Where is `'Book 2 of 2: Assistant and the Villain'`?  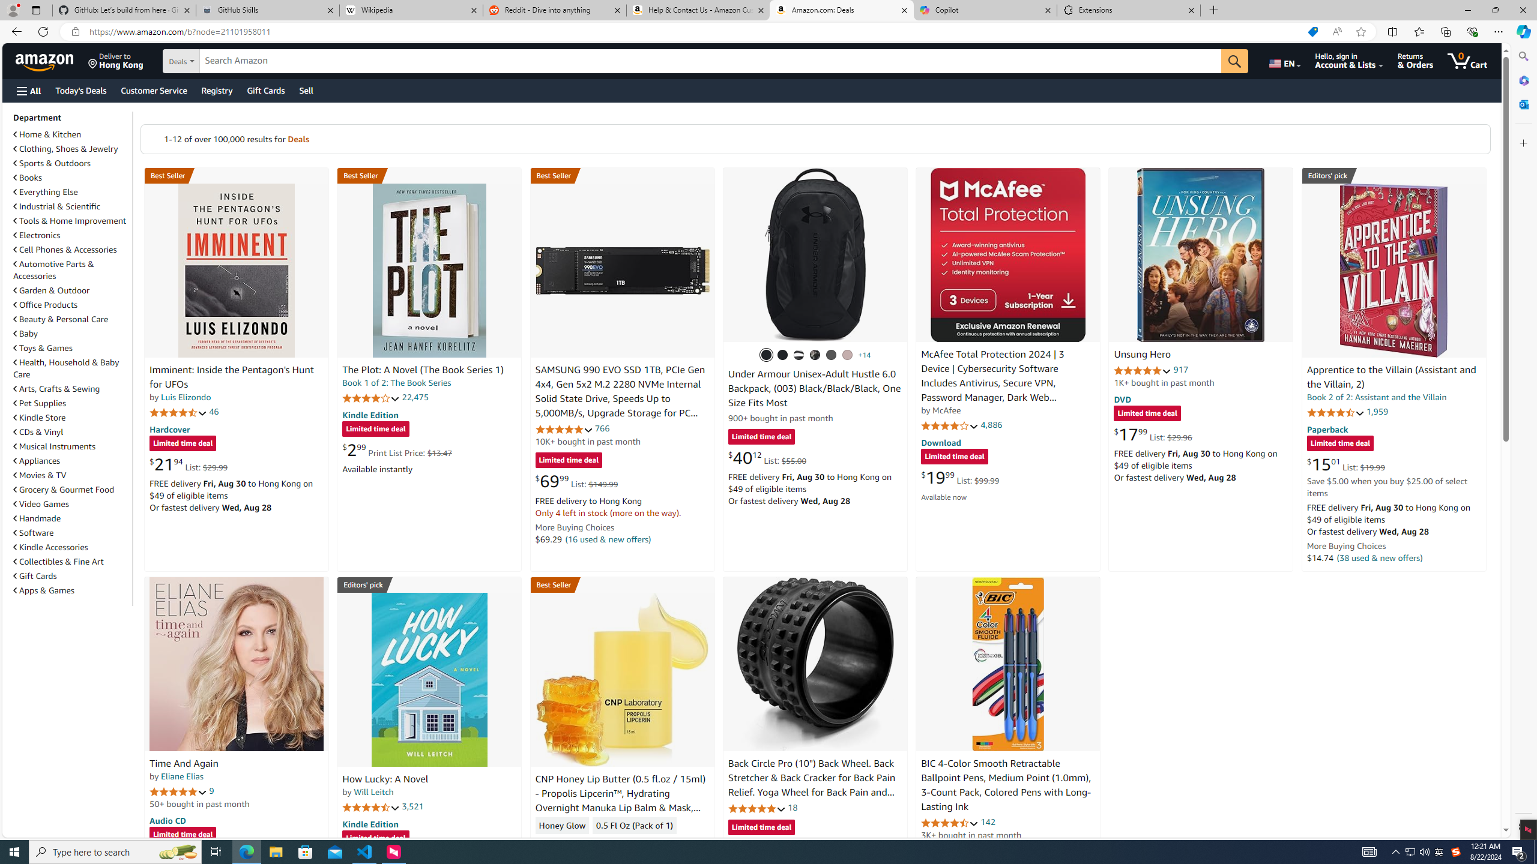
'Book 2 of 2: Assistant and the Villain' is located at coordinates (1375, 396).